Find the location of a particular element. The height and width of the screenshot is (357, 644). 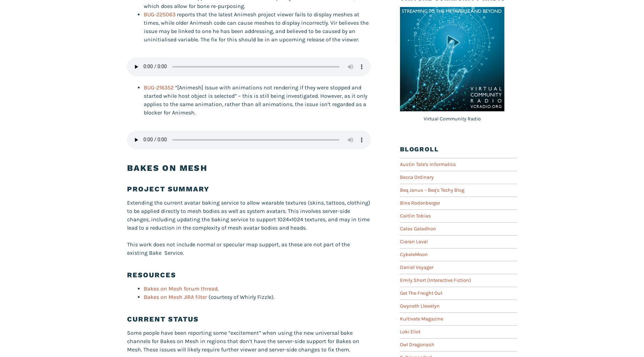

'Austin Tate's Informatics' is located at coordinates (427, 164).